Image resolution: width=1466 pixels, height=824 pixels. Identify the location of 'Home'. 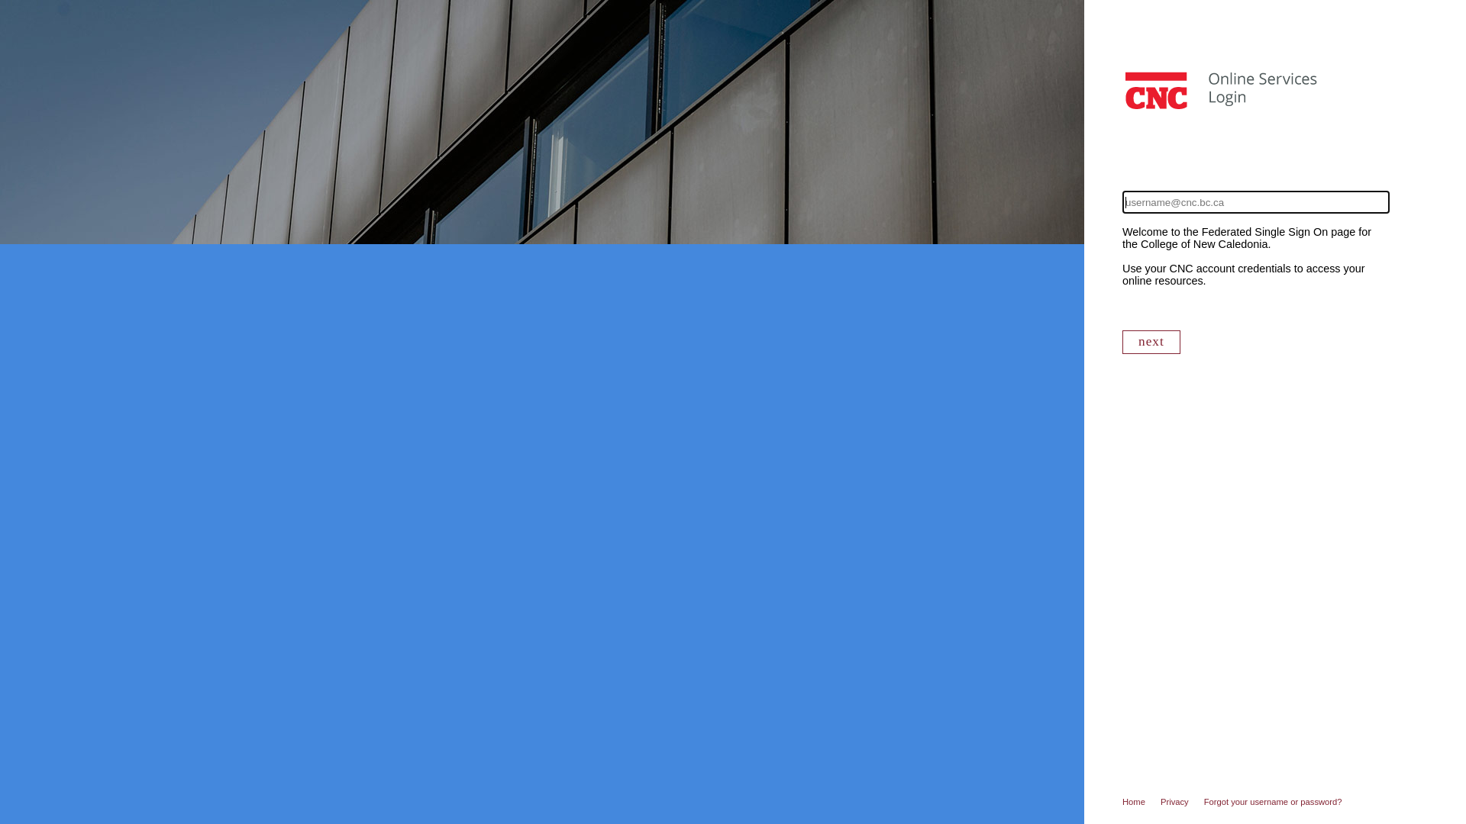
(1141, 800).